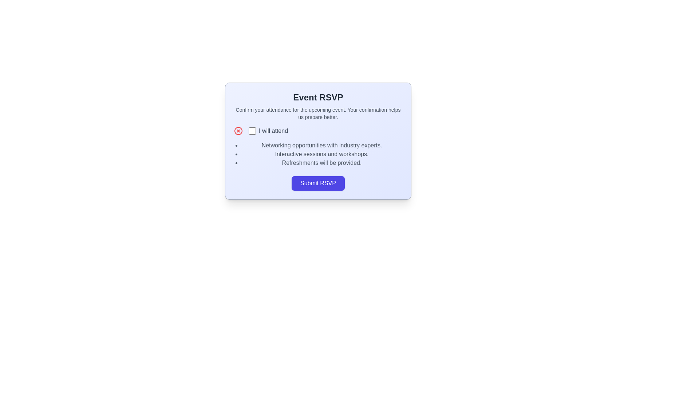 This screenshot has height=393, width=699. What do you see at coordinates (273, 130) in the screenshot?
I see `the text label displaying 'I will attend', which is styled in gray and located immediately to the right of a checkbox in the 'Event RSVP' modal` at bounding box center [273, 130].